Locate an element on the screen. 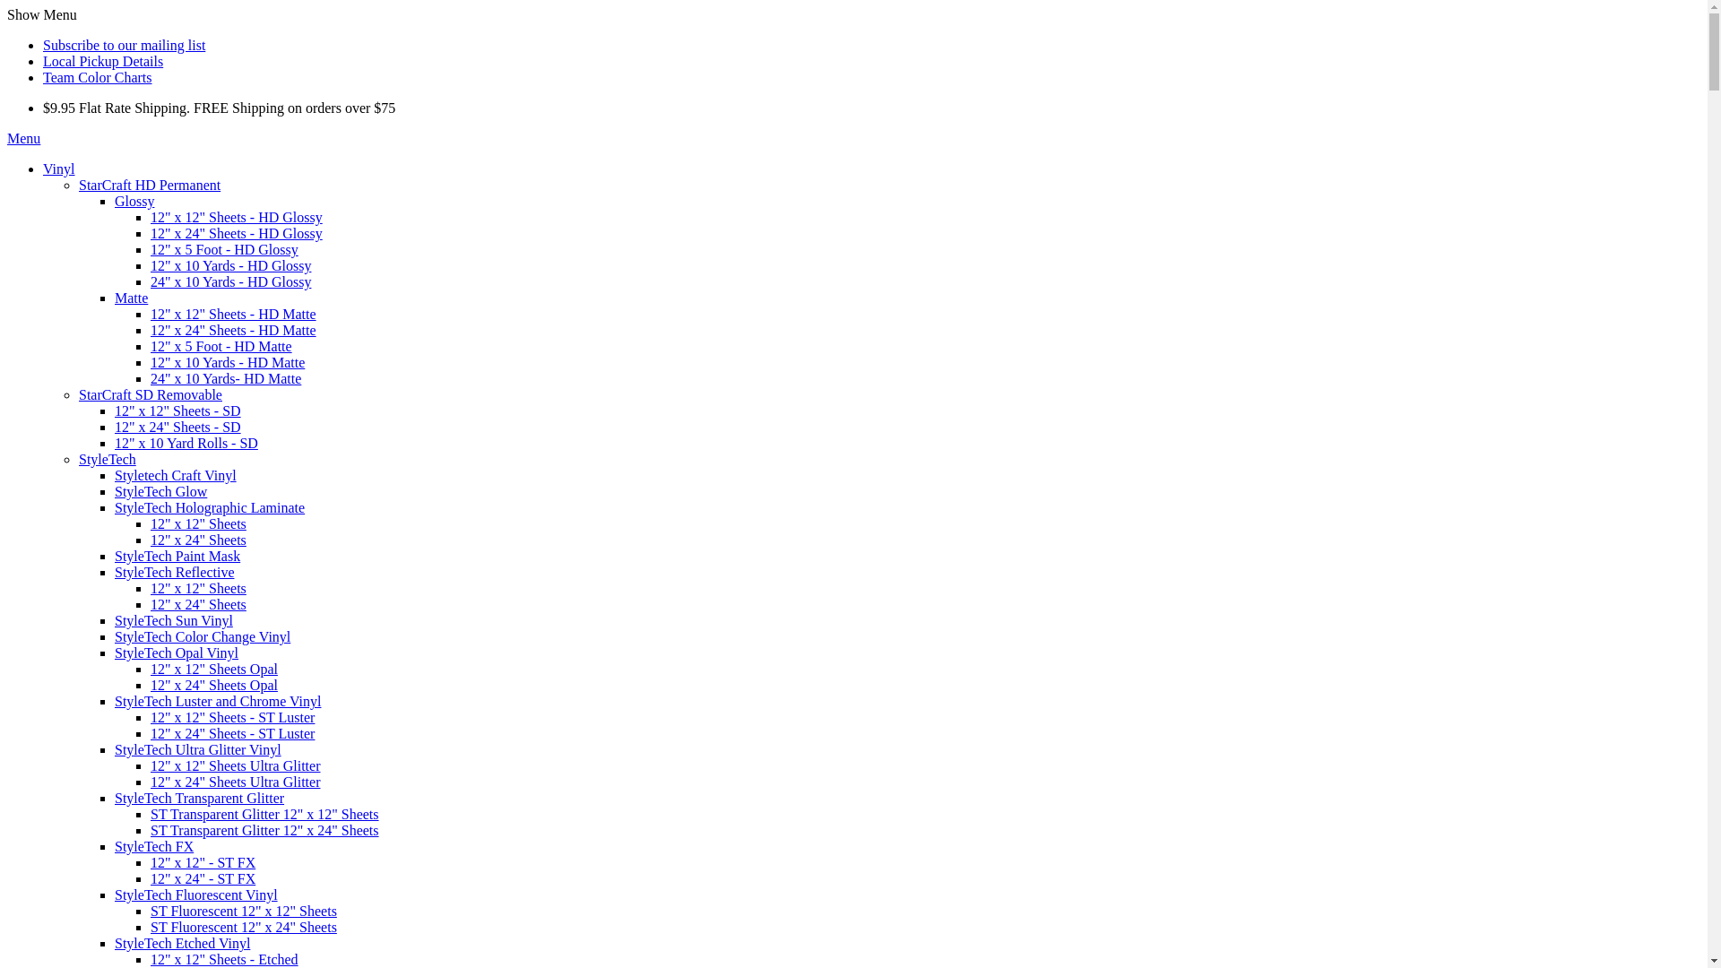 This screenshot has width=1721, height=968. '12" x 12" Sheets - HD Glossy' is located at coordinates (236, 216).